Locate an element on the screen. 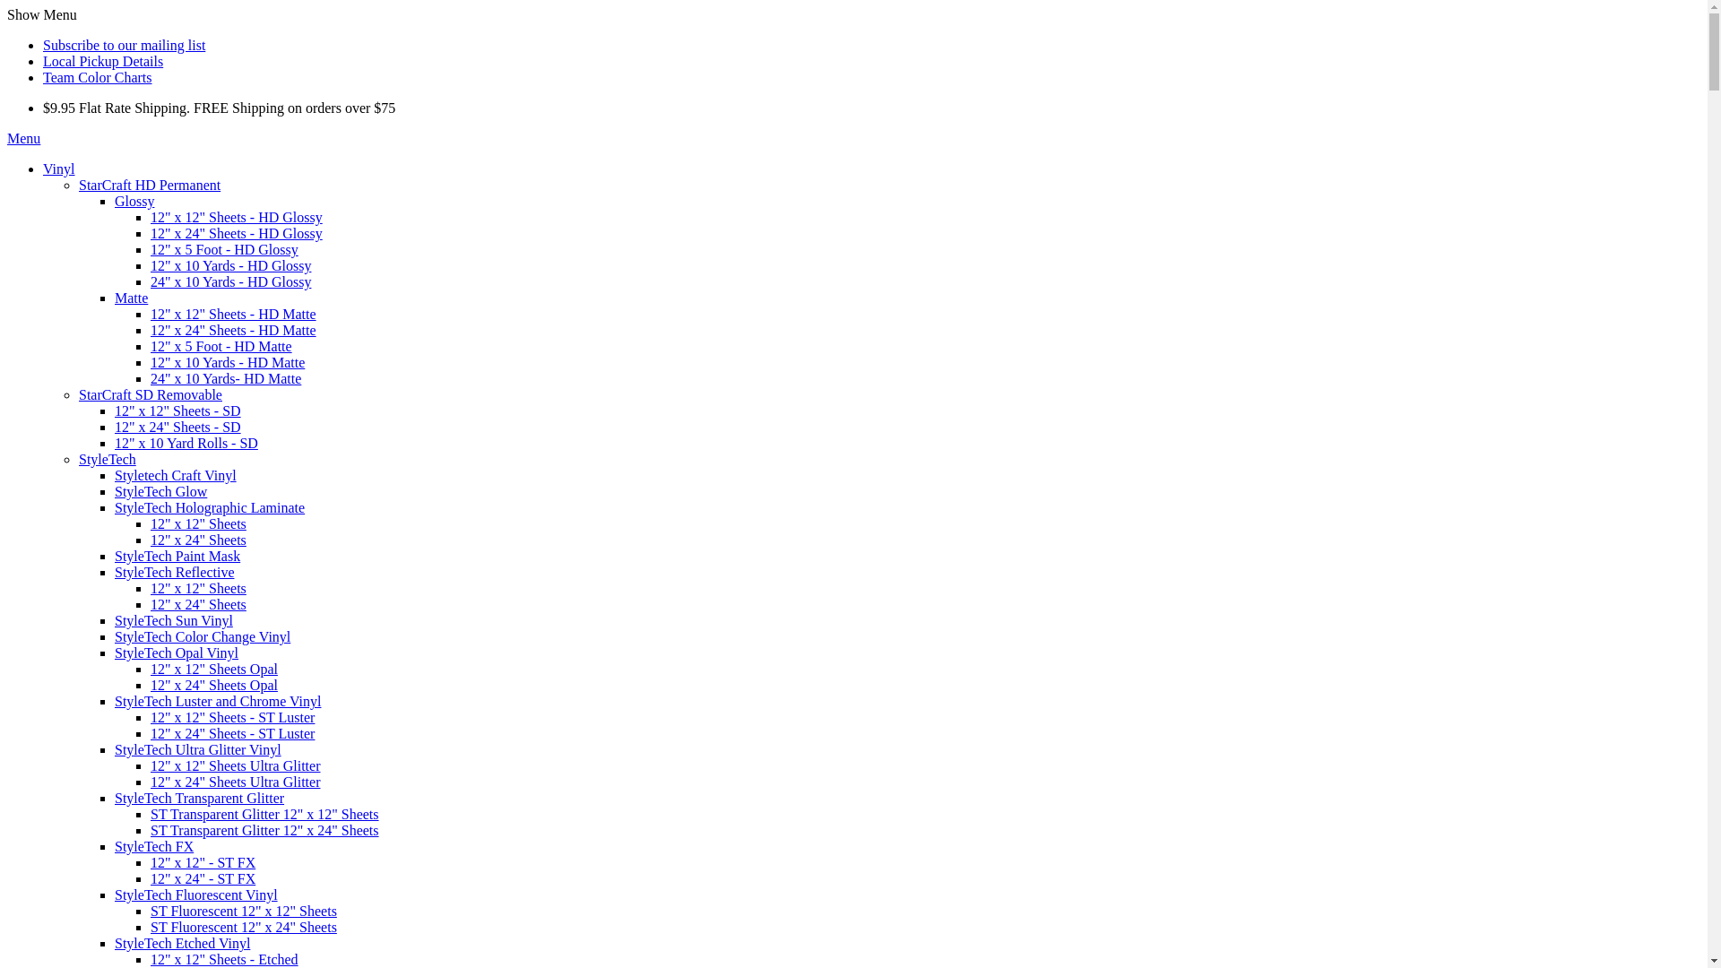 This screenshot has width=1721, height=968. '12" x 12" Sheets - HD Glossy' is located at coordinates (236, 216).